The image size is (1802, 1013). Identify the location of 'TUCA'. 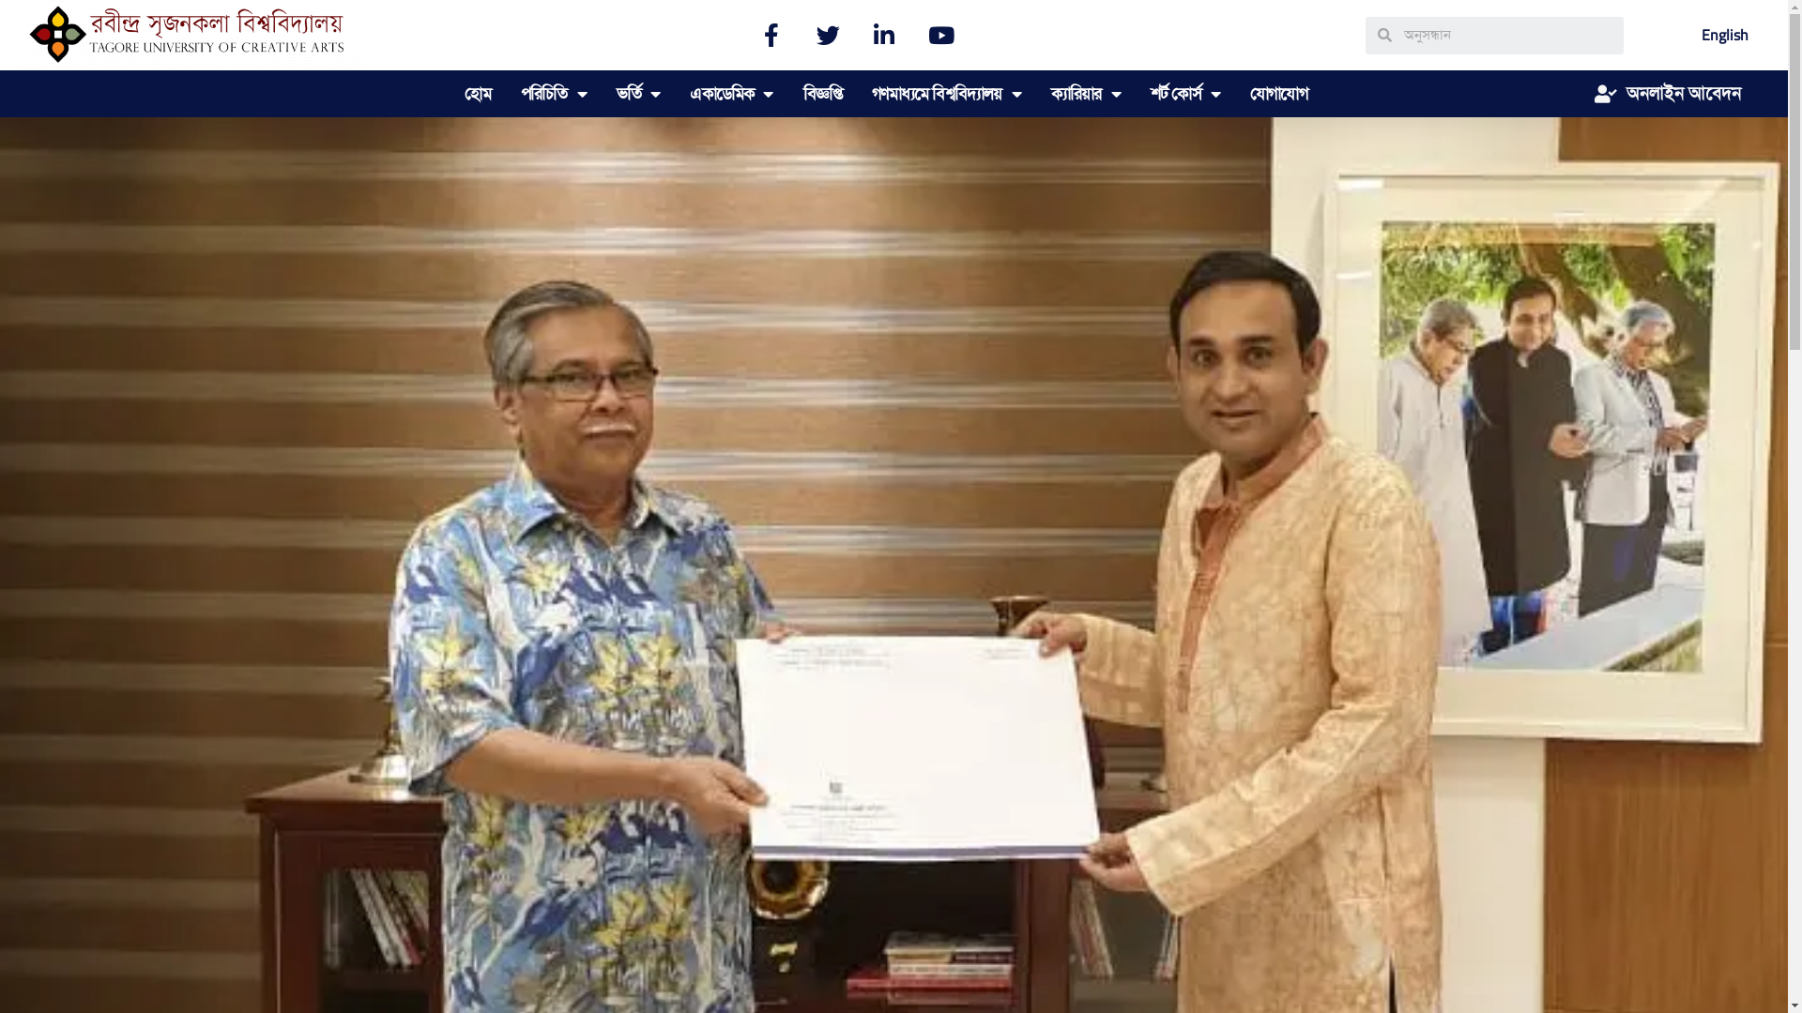
(188, 35).